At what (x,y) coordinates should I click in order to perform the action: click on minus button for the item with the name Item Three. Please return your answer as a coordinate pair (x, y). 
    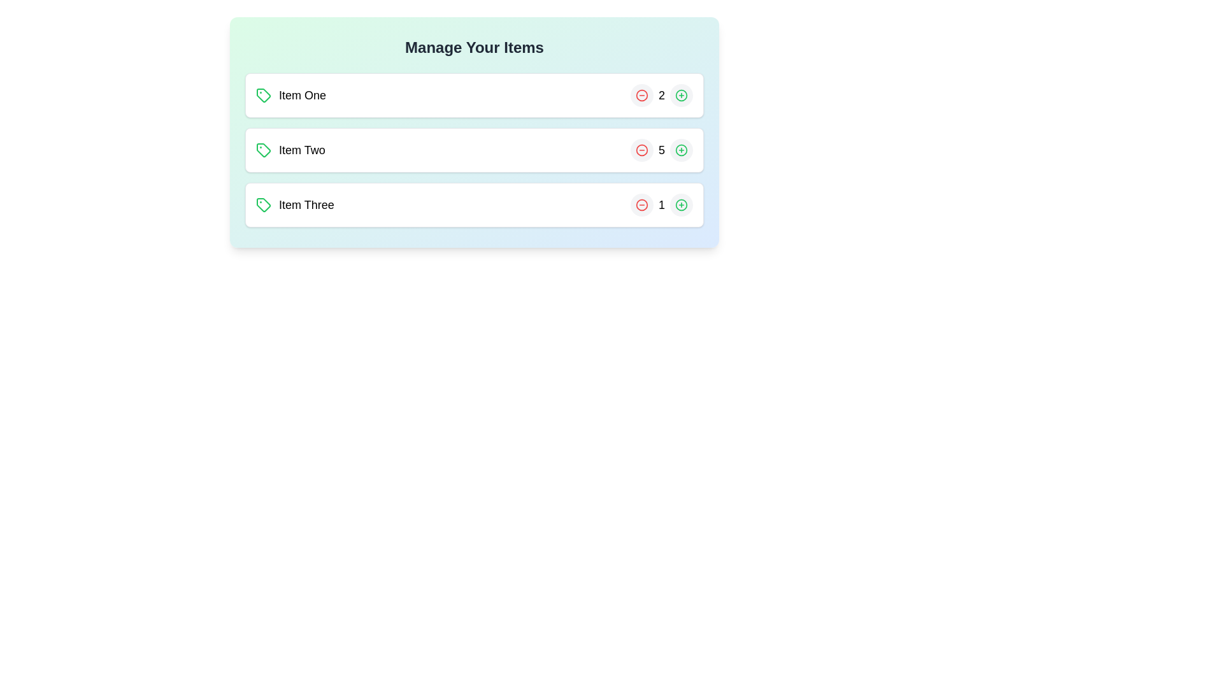
    Looking at the image, I should click on (642, 204).